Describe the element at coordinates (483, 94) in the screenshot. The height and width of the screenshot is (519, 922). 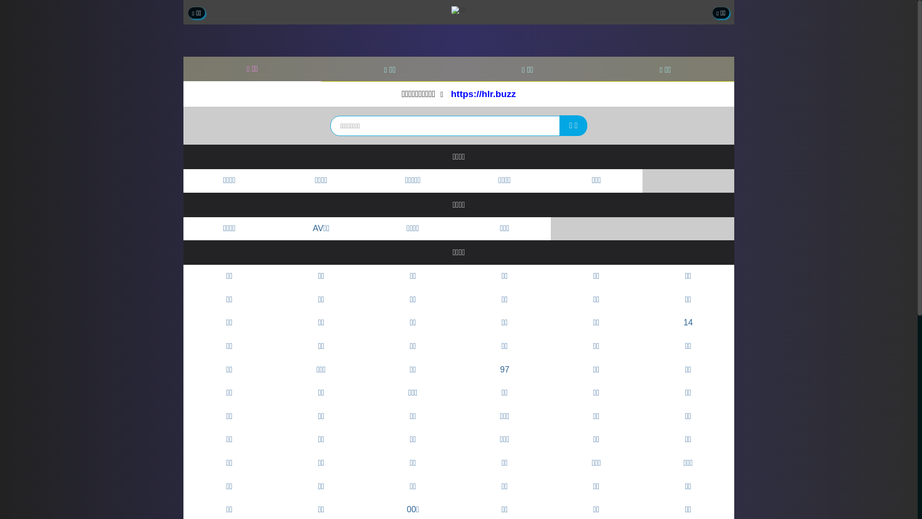
I see `'https://hlr.buzz'` at that location.